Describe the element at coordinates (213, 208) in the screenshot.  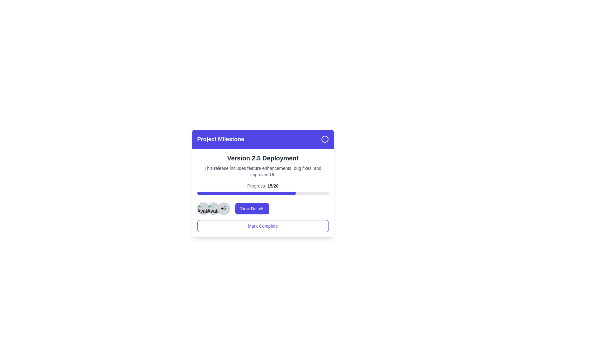
I see `the third circular icon indicating additional members or entities, labeled '+3', located in the 'View Details' section below the progress bar` at that location.